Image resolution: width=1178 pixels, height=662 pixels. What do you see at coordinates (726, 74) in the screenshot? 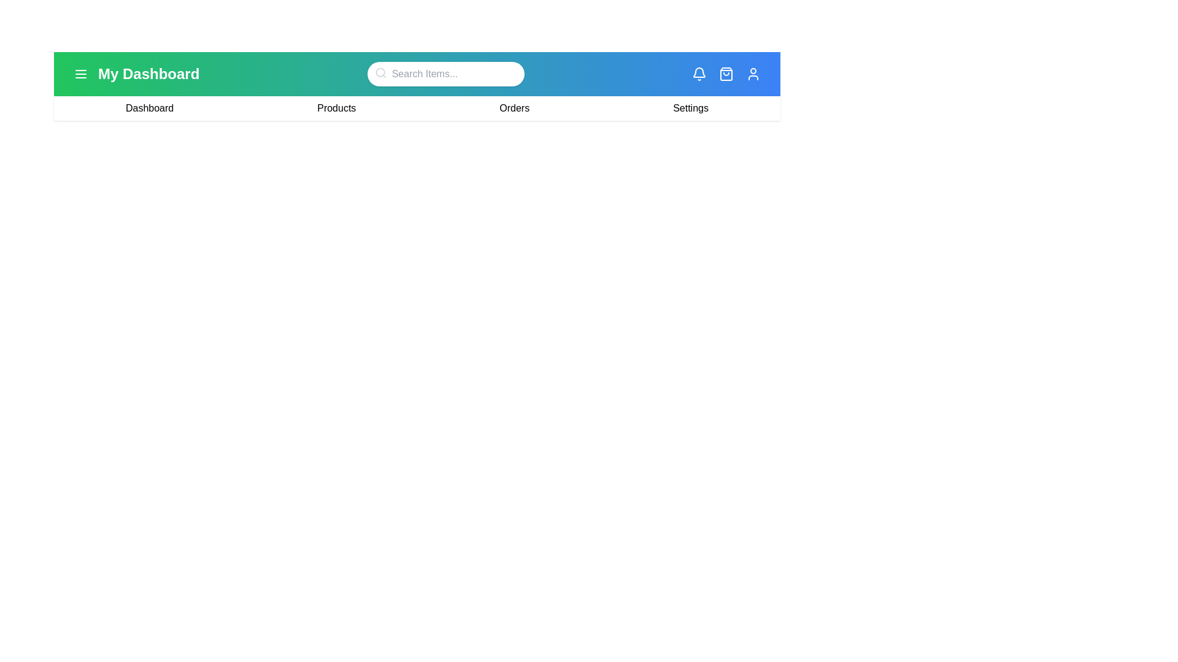
I see `the shopping bag icon to access the shopping section` at bounding box center [726, 74].